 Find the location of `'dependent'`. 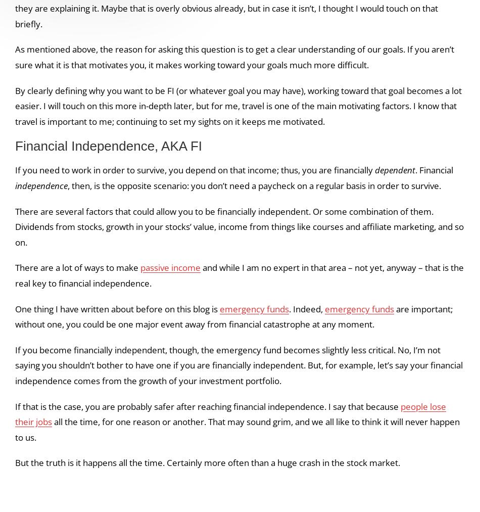

'dependent' is located at coordinates (395, 170).